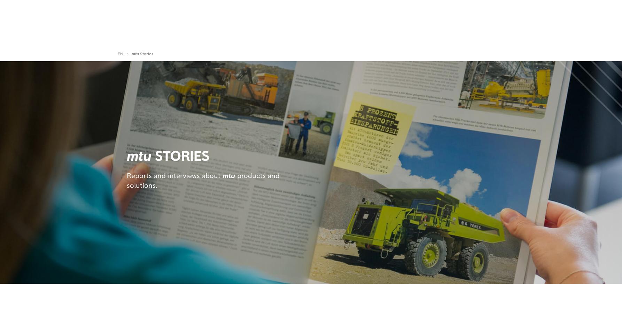 The height and width of the screenshot is (310, 622). I want to click on 'Stories', so click(146, 54).